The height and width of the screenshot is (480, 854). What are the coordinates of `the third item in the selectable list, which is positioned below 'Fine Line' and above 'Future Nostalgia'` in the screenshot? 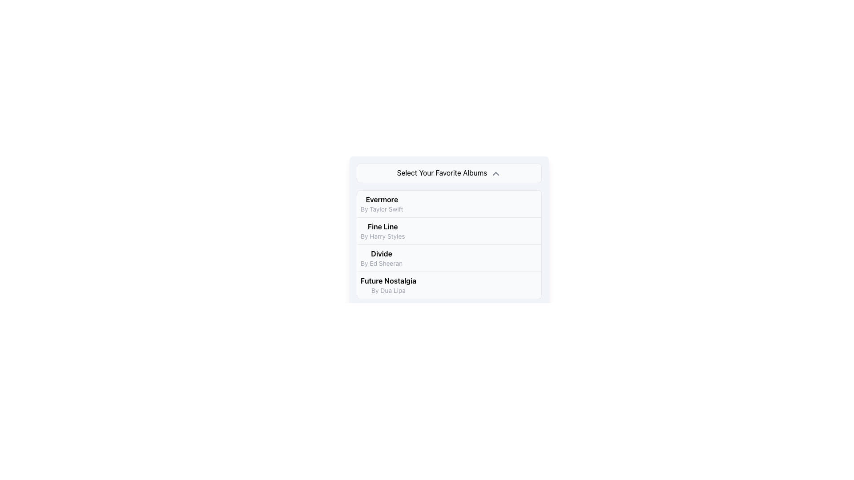 It's located at (449, 257).